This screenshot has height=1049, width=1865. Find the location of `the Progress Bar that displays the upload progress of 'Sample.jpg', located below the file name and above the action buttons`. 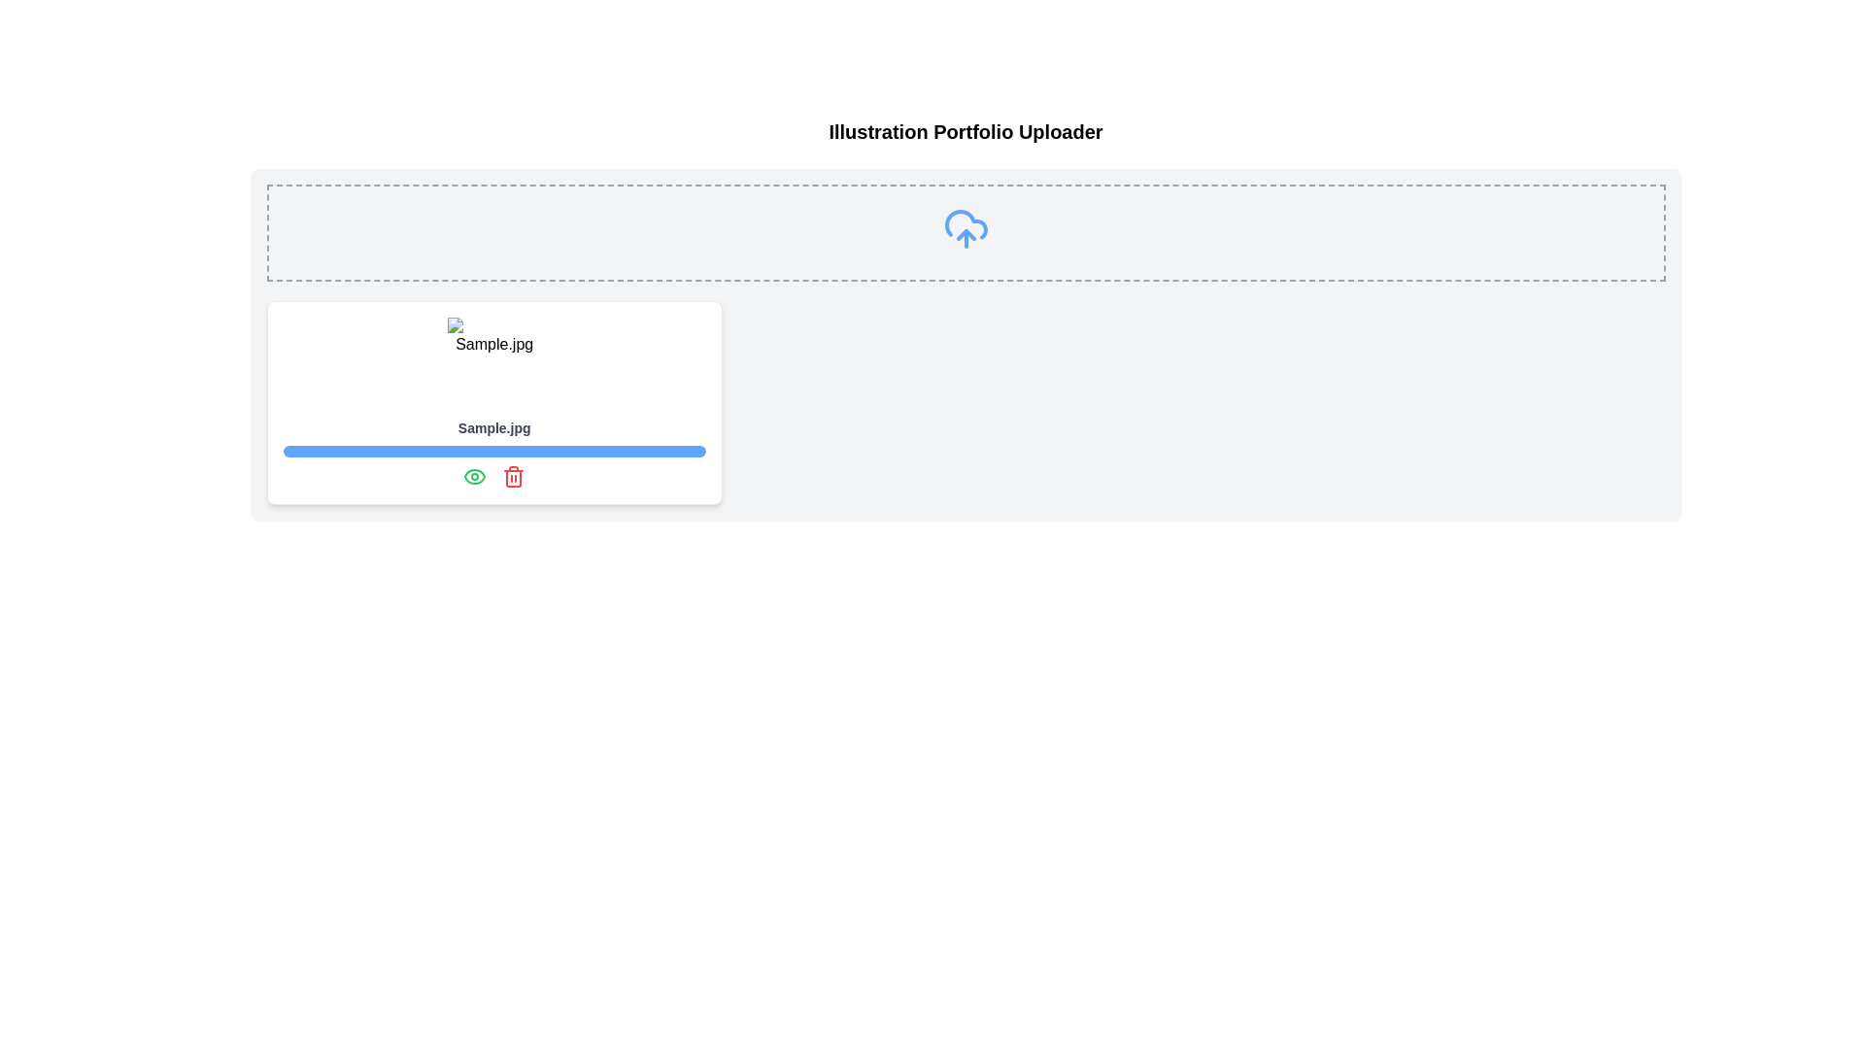

the Progress Bar that displays the upload progress of 'Sample.jpg', located below the file name and above the action buttons is located at coordinates (494, 452).